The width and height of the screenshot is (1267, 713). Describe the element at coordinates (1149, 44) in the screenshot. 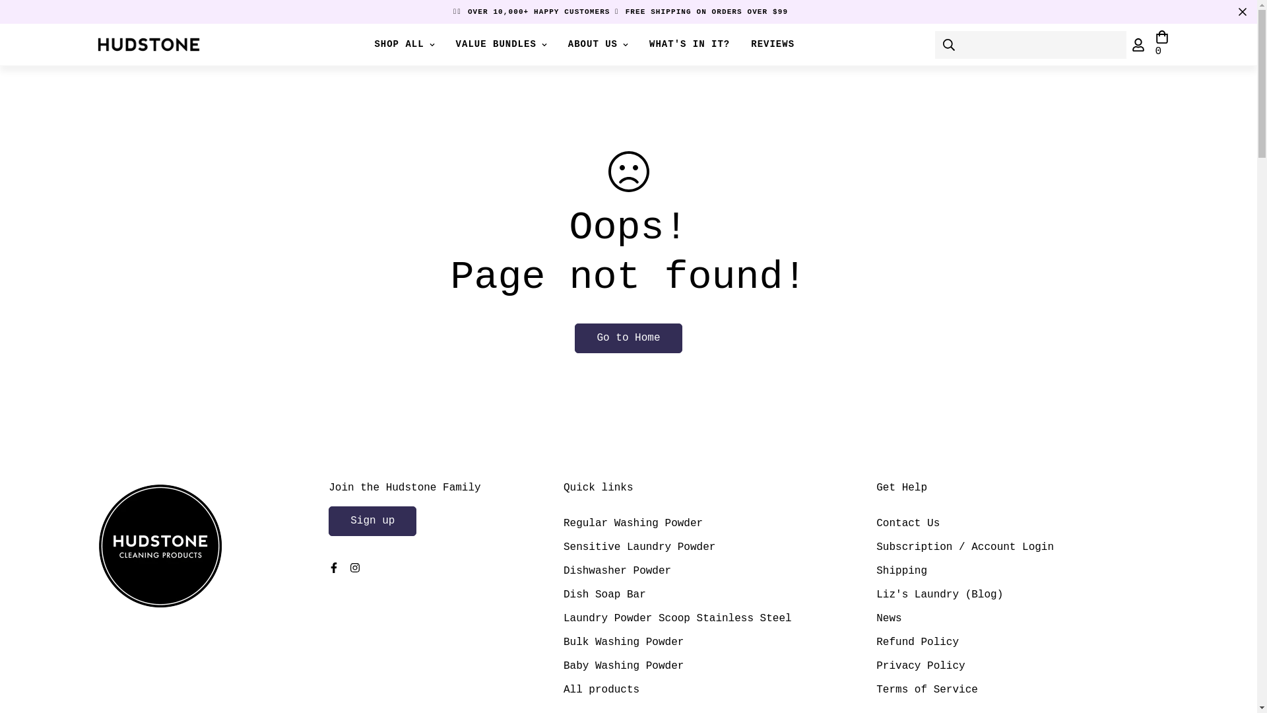

I see `'0'` at that location.